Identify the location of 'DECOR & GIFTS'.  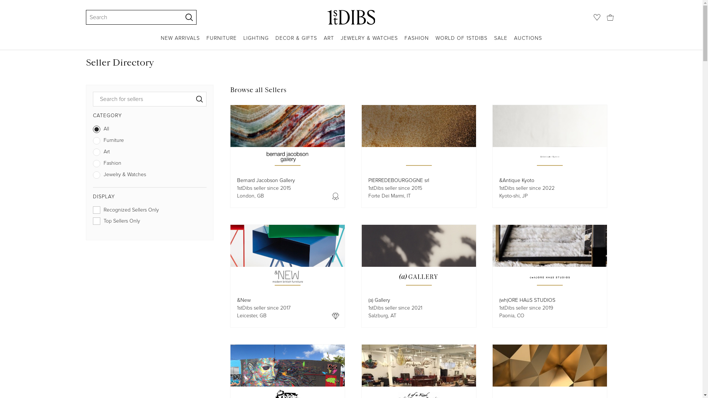
(274, 42).